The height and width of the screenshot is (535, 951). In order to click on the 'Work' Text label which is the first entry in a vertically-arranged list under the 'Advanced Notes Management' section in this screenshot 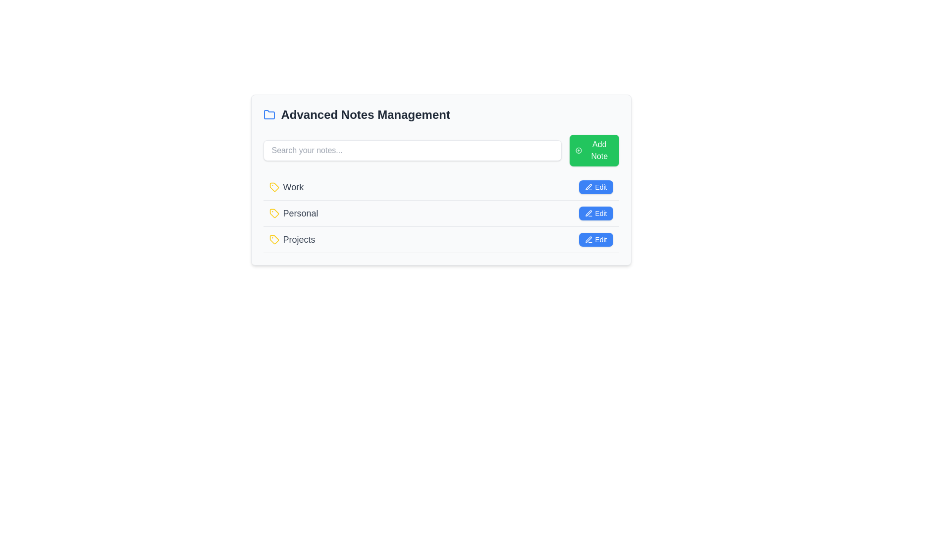, I will do `click(286, 187)`.